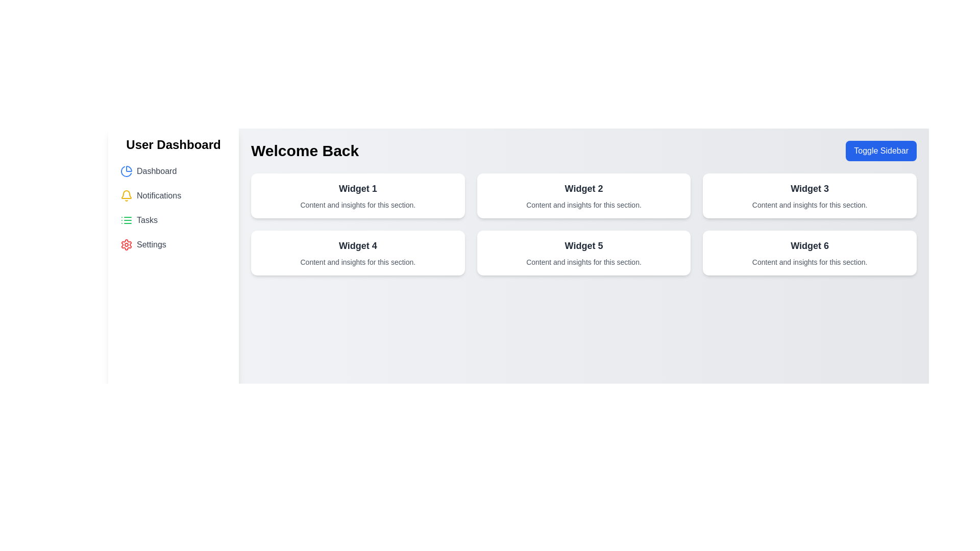  Describe the element at coordinates (880, 151) in the screenshot. I see `the button located at the top-right corner of the main content area, adjacent to the 'Welcome Back' heading` at that location.